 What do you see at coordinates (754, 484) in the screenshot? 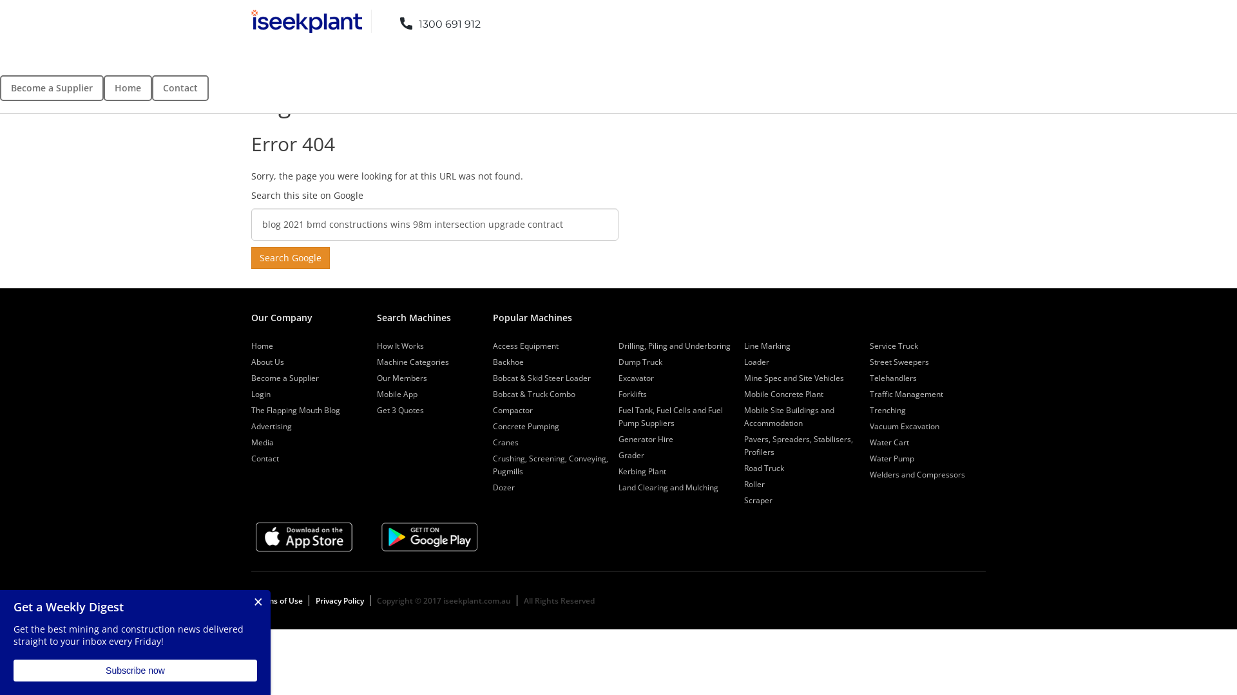
I see `'Roller'` at bounding box center [754, 484].